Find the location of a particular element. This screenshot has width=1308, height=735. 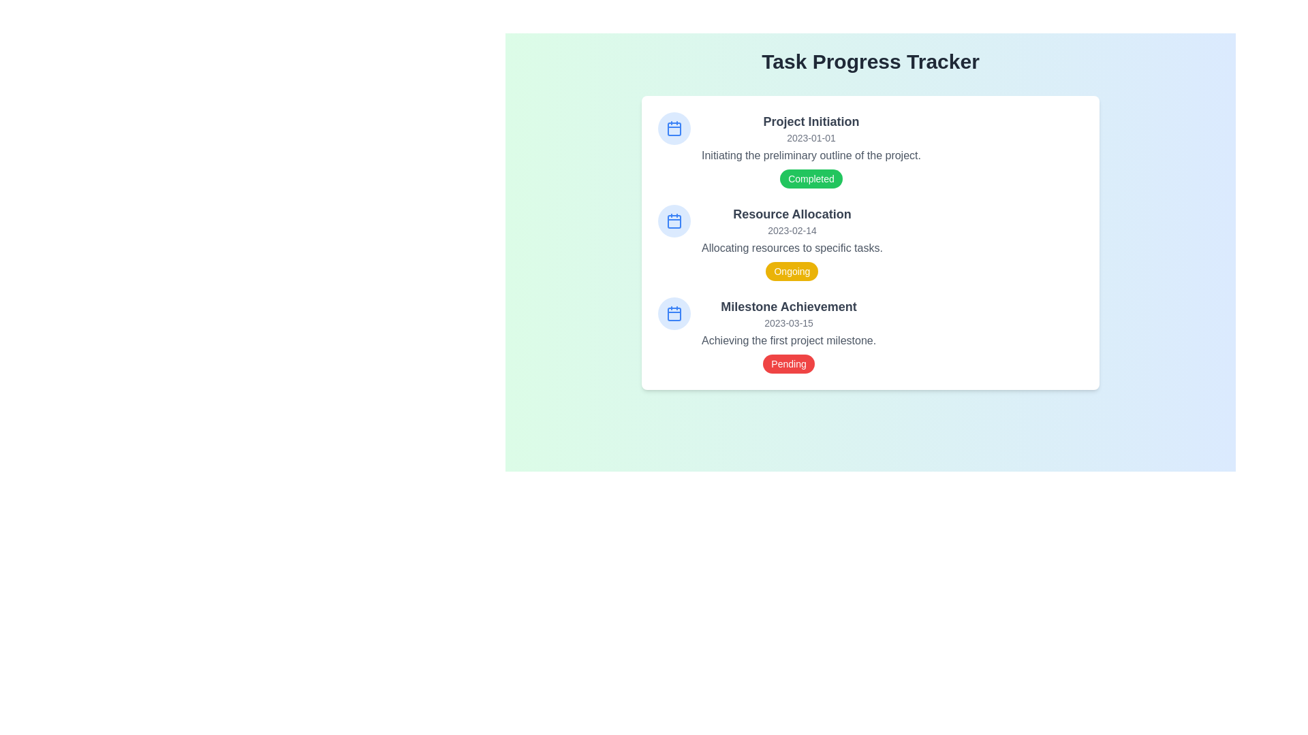

the calendar icon with a blue outline that is located within a light blue circular badge is located at coordinates (674, 220).